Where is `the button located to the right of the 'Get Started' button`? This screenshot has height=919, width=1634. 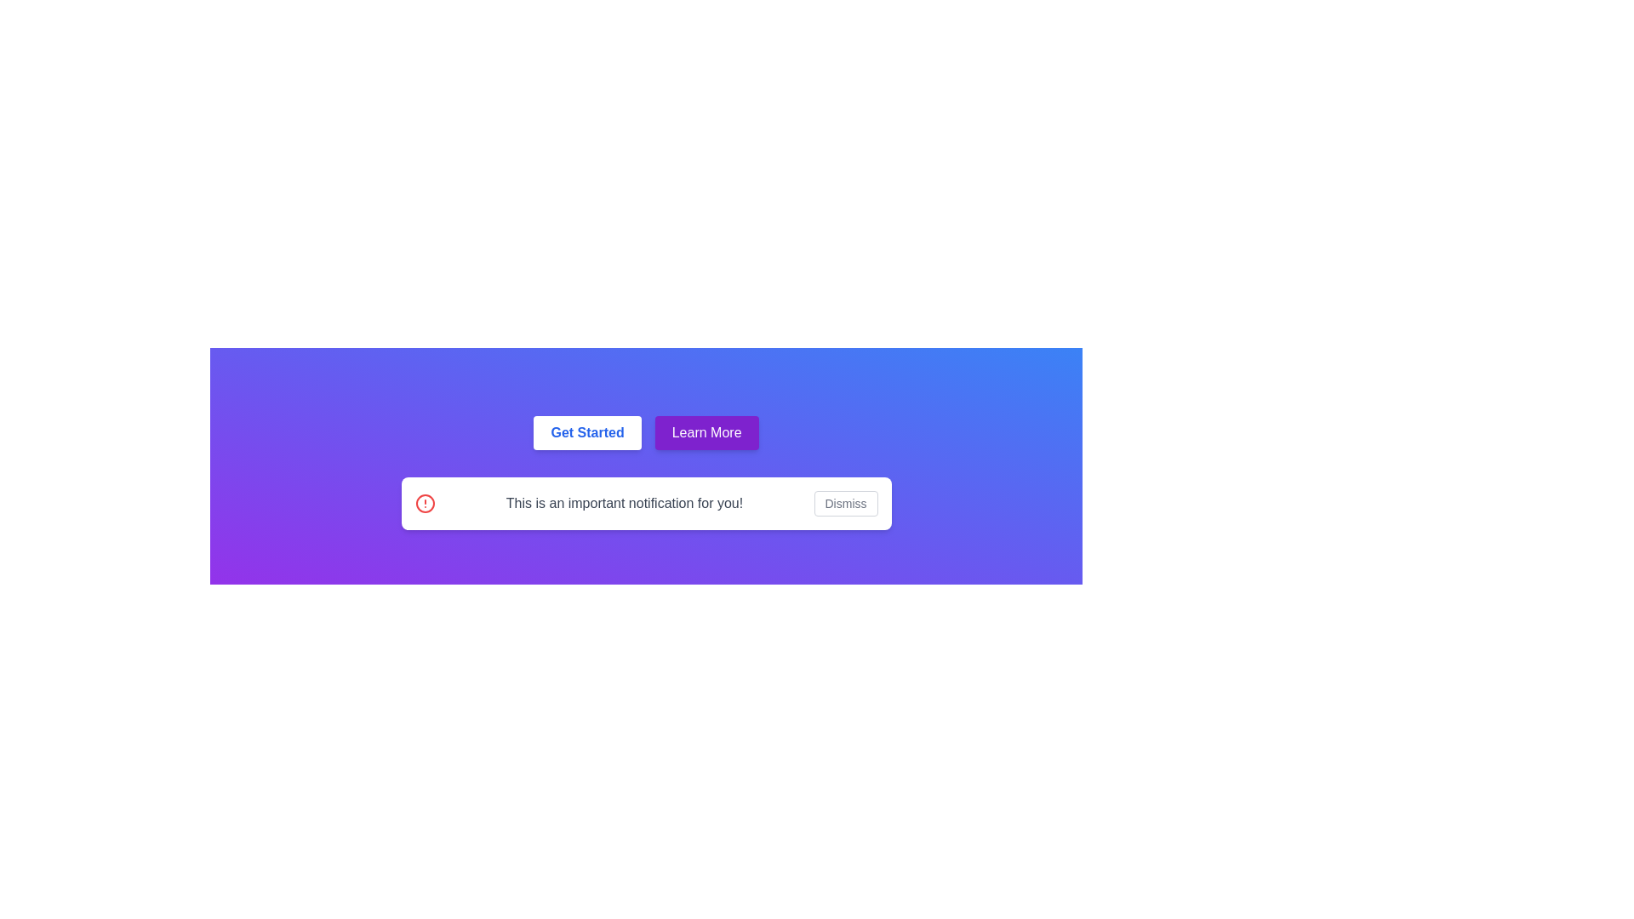
the button located to the right of the 'Get Started' button is located at coordinates (706, 432).